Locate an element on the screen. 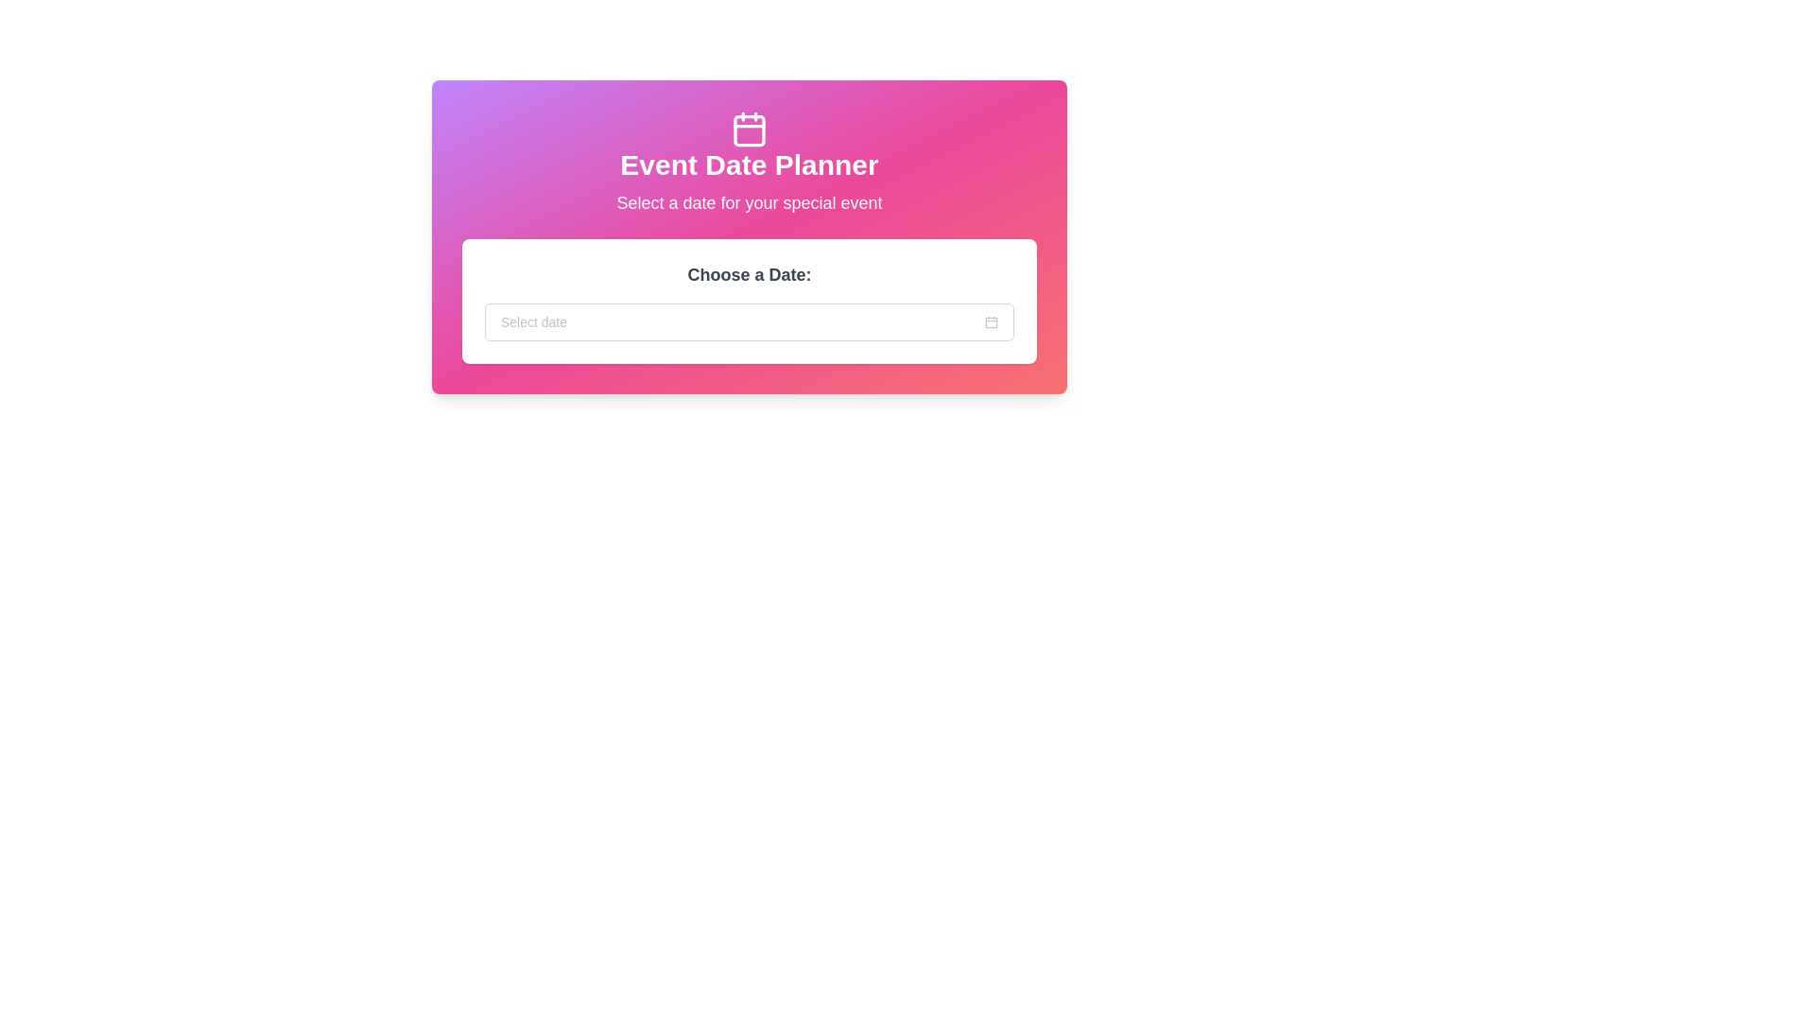  the text label that reads 'Choose a Date:' which is bold and dark gray, positioned at the top of a white rectangular card is located at coordinates (748, 274).